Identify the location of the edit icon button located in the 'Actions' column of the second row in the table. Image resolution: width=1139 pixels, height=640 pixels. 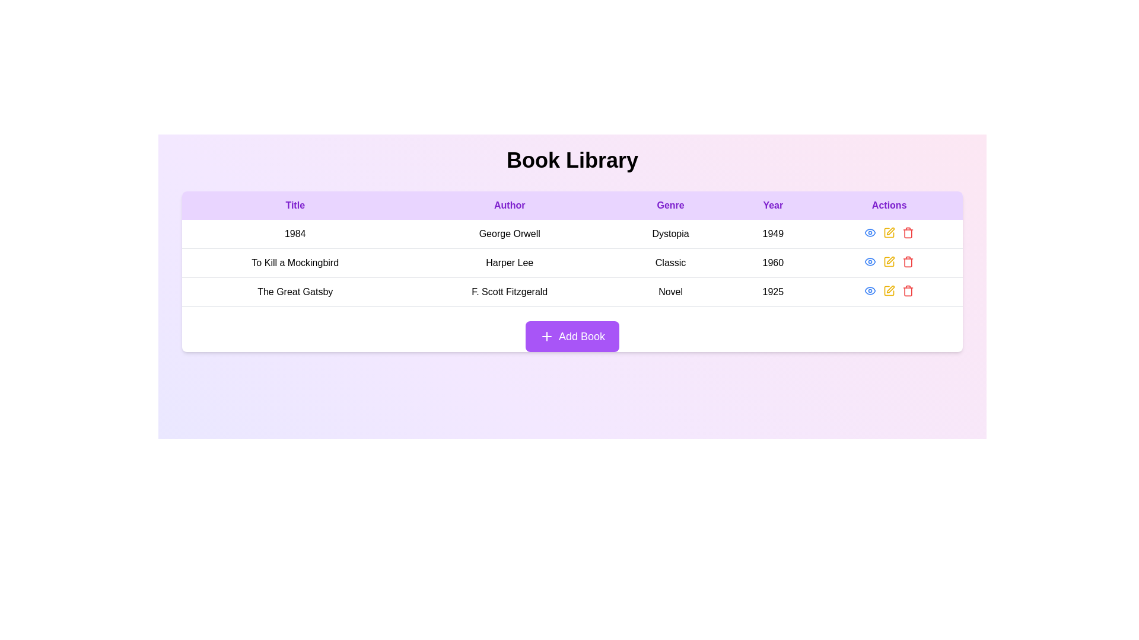
(889, 261).